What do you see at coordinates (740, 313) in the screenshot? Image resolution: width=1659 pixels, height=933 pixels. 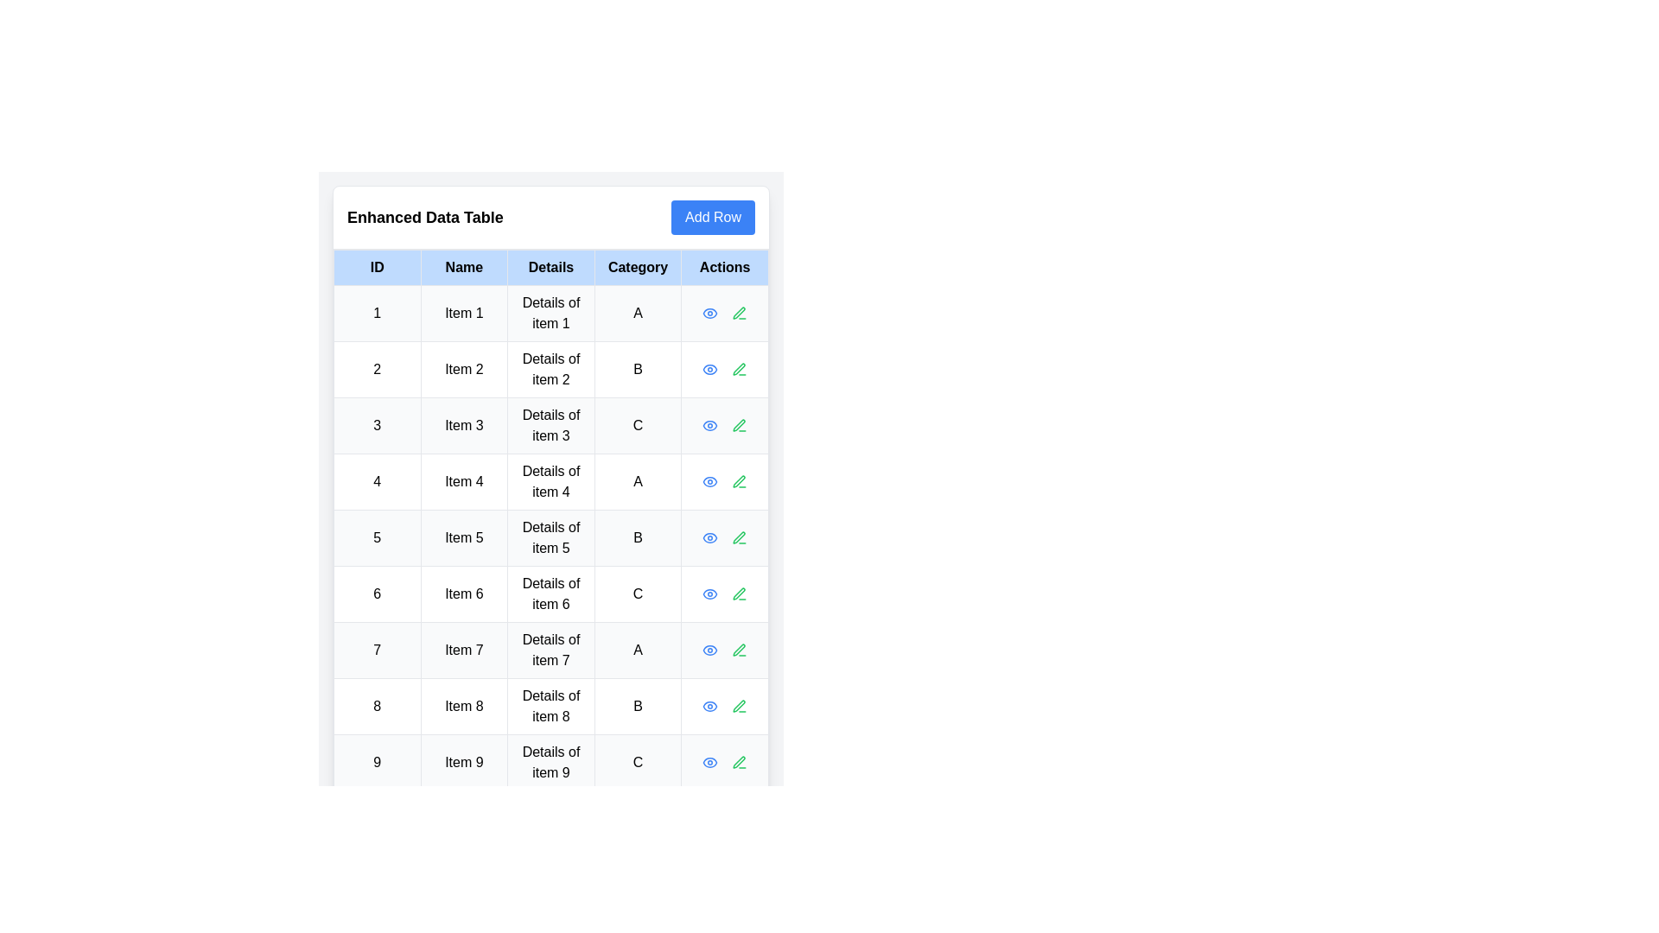 I see `the green pen-shaped SVG icon located in the Actions column of the first row in the Enhanced Data Table` at bounding box center [740, 313].